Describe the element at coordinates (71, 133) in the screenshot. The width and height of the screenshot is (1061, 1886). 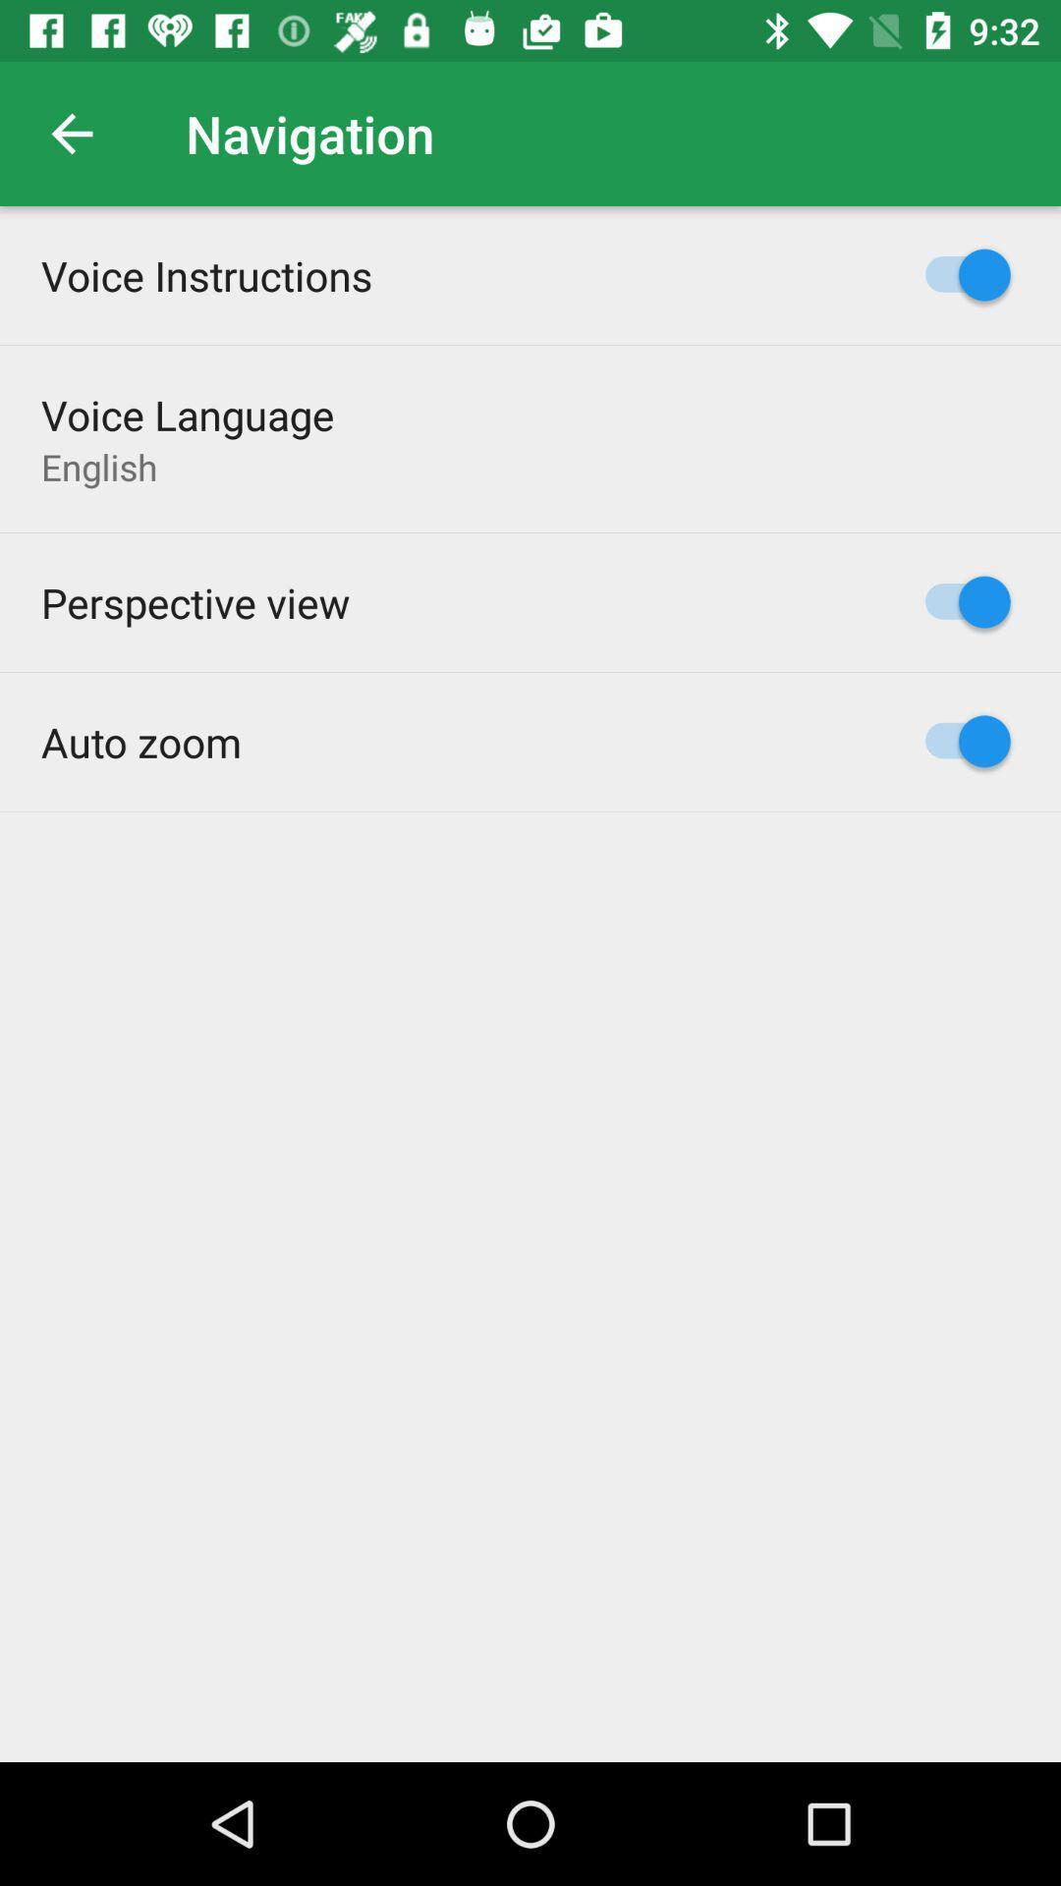
I see `icon to the left of navigation icon` at that location.